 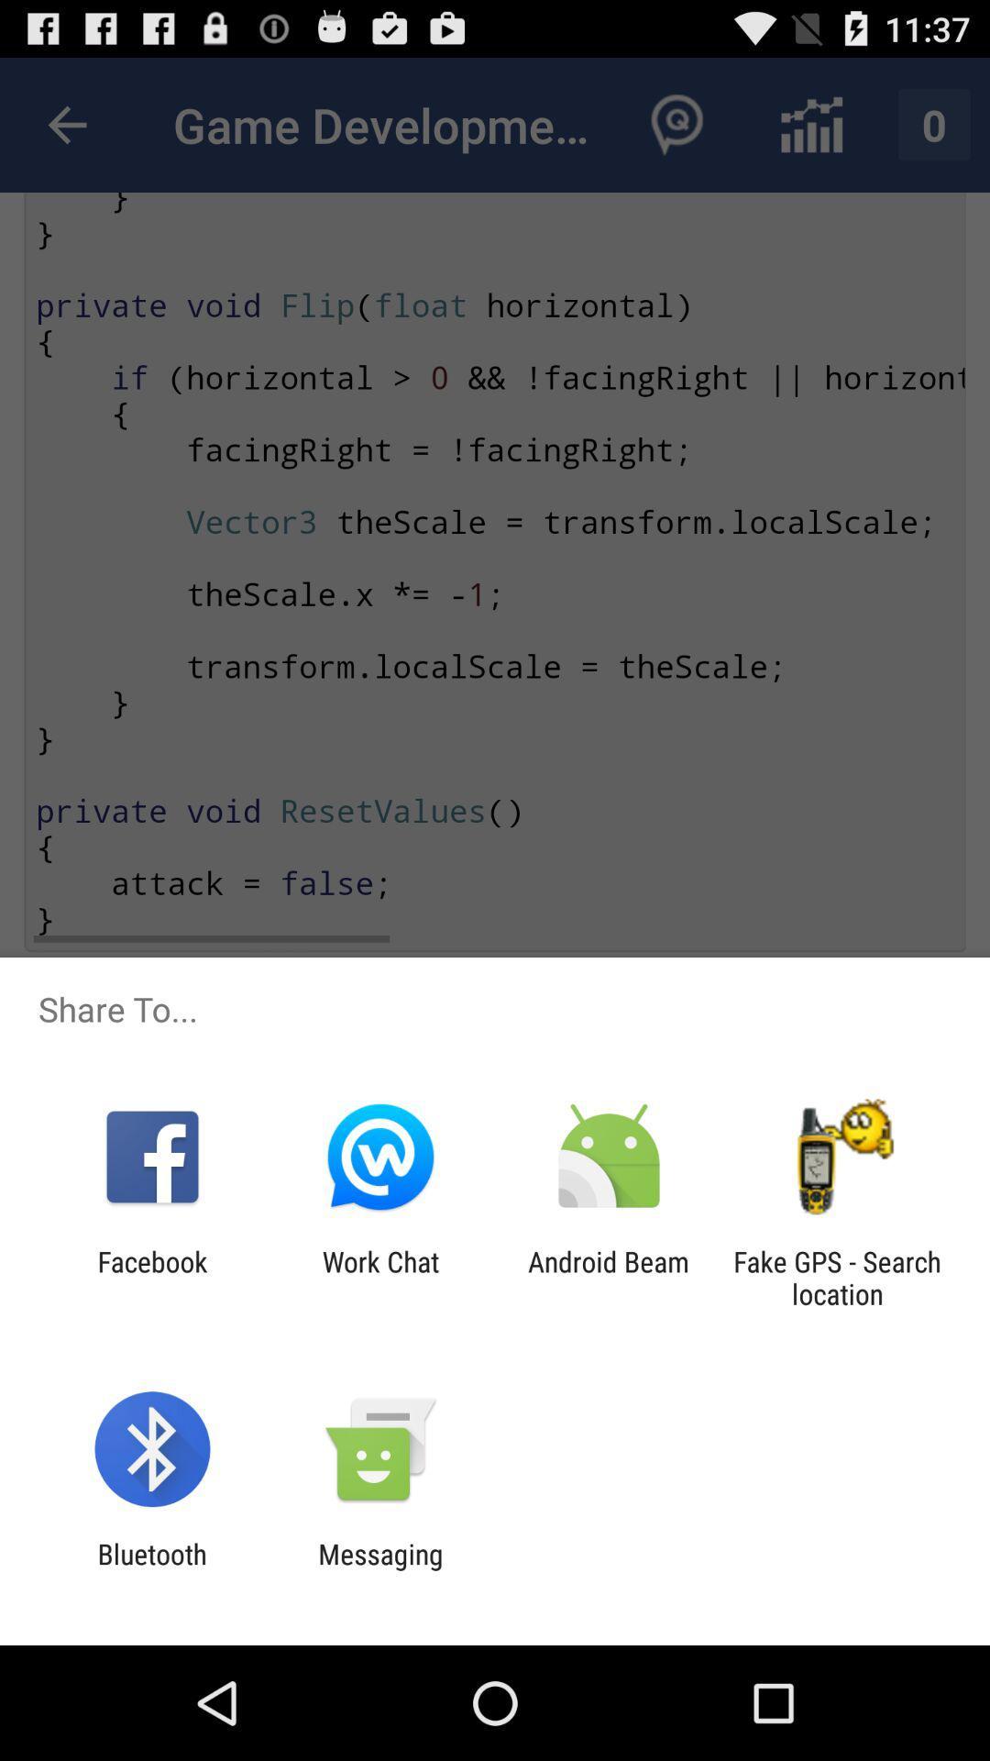 What do you see at coordinates (609, 1277) in the screenshot?
I see `the icon to the left of the fake gps search` at bounding box center [609, 1277].